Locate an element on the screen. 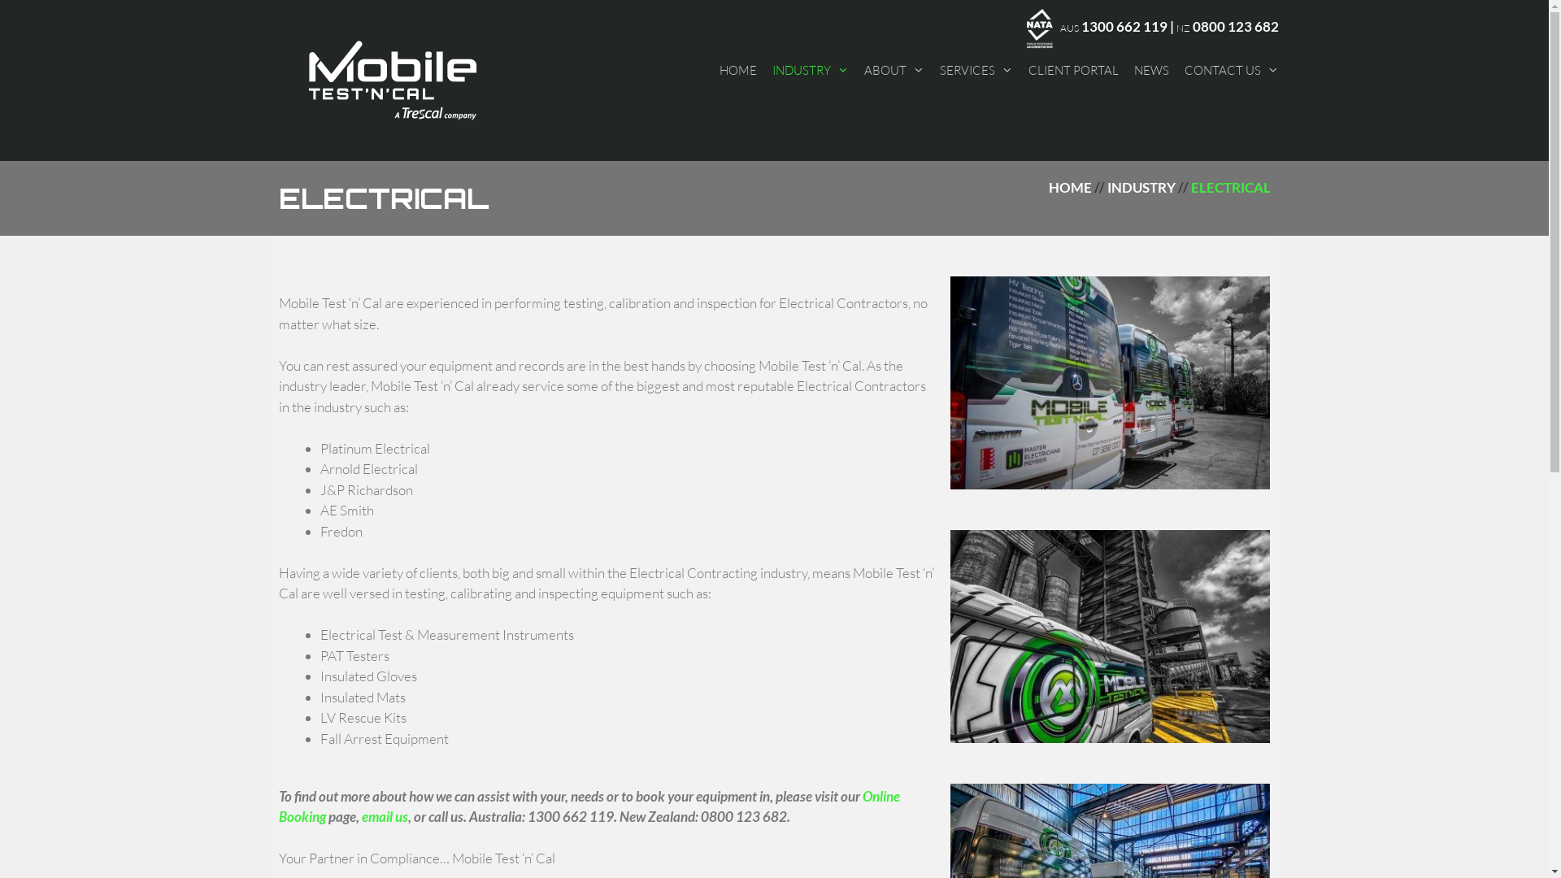 The image size is (1561, 878). 'HOME' is located at coordinates (1070, 186).